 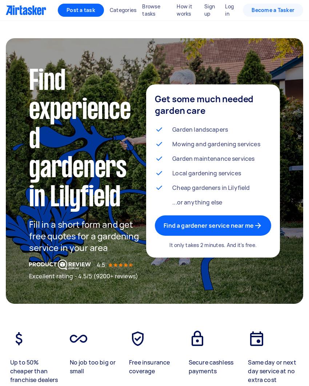 What do you see at coordinates (209, 10) in the screenshot?
I see `'Sign up'` at bounding box center [209, 10].